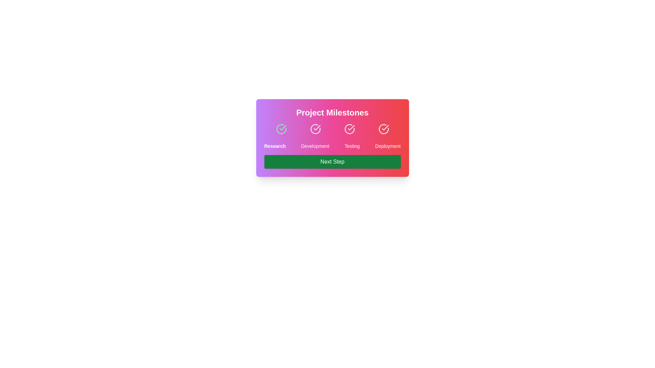  Describe the element at coordinates (383, 129) in the screenshot. I see `the SVG element representing the completion status of the 'Deployment' milestone, located on the rightmost side of the milestone list` at that location.